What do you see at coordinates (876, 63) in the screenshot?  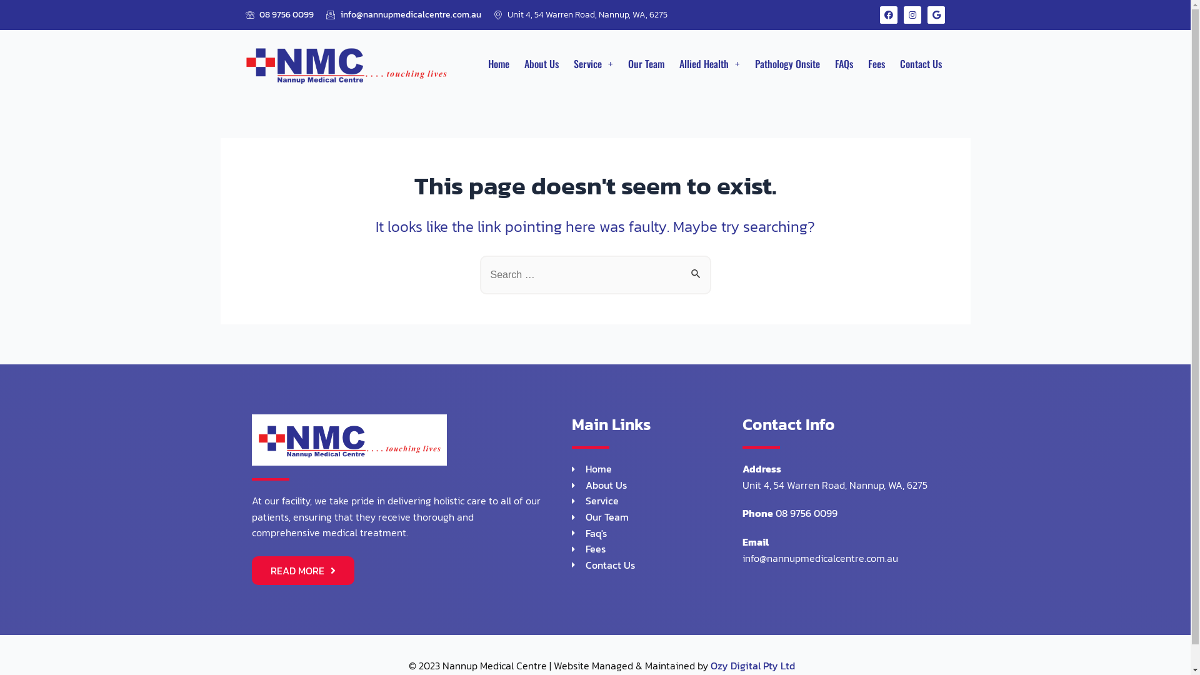 I see `'Fees'` at bounding box center [876, 63].